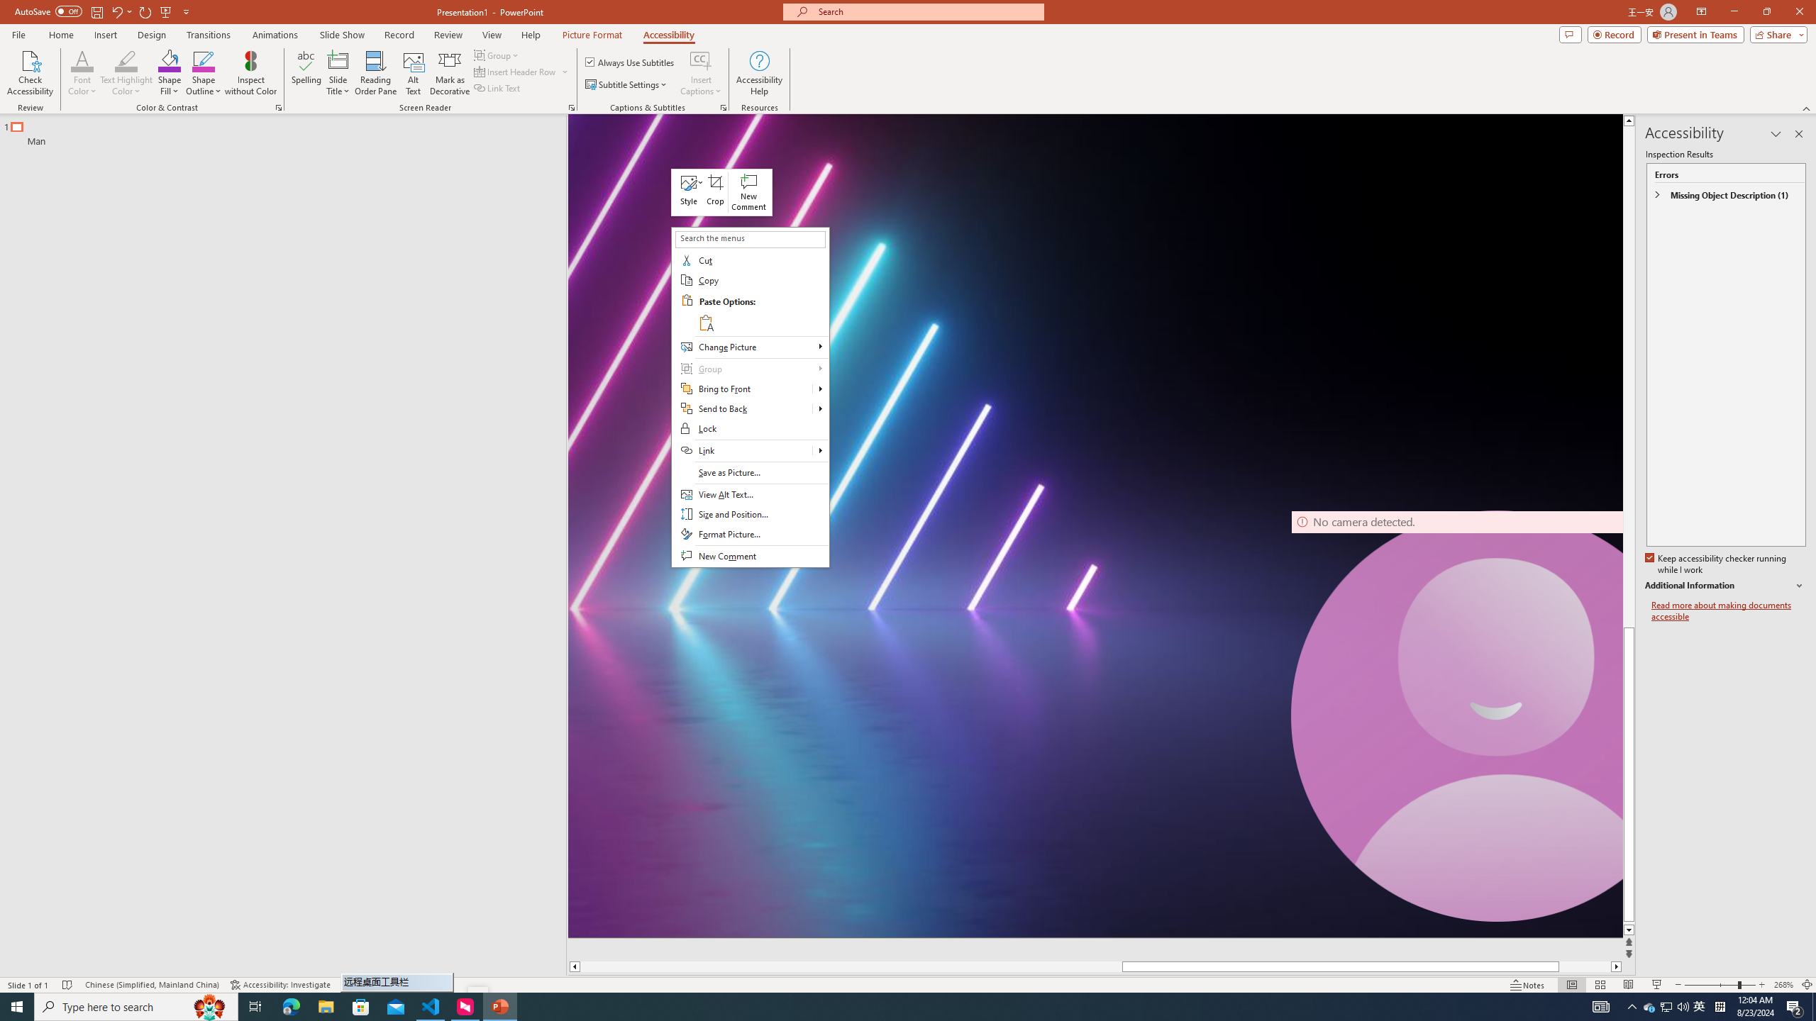 This screenshot has width=1816, height=1021. Describe the element at coordinates (749, 347) in the screenshot. I see `'Change Picture'` at that location.